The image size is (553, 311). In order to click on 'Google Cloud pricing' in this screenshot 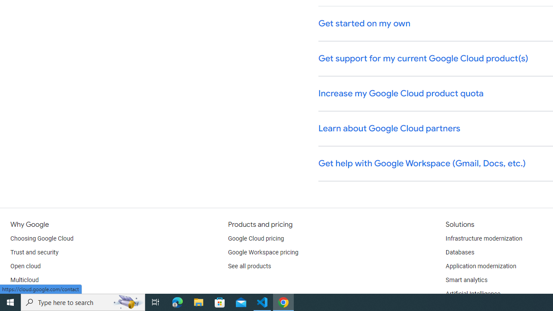, I will do `click(255, 238)`.